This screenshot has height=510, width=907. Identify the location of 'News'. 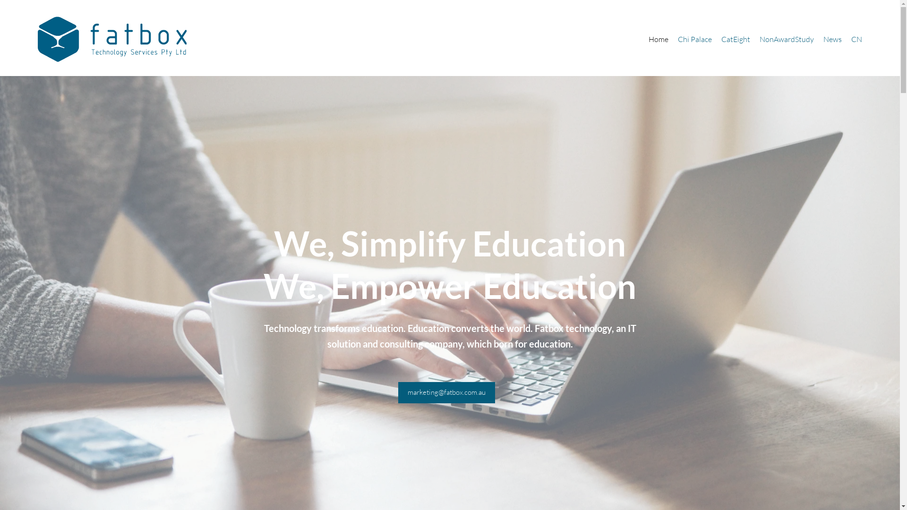
(832, 39).